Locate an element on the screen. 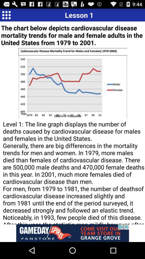  advertiser is located at coordinates (73, 233).